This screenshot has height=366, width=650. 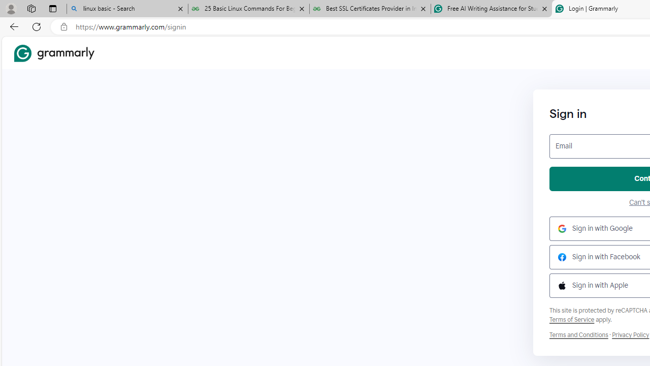 I want to click on 'linux basic - Search', so click(x=126, y=9).